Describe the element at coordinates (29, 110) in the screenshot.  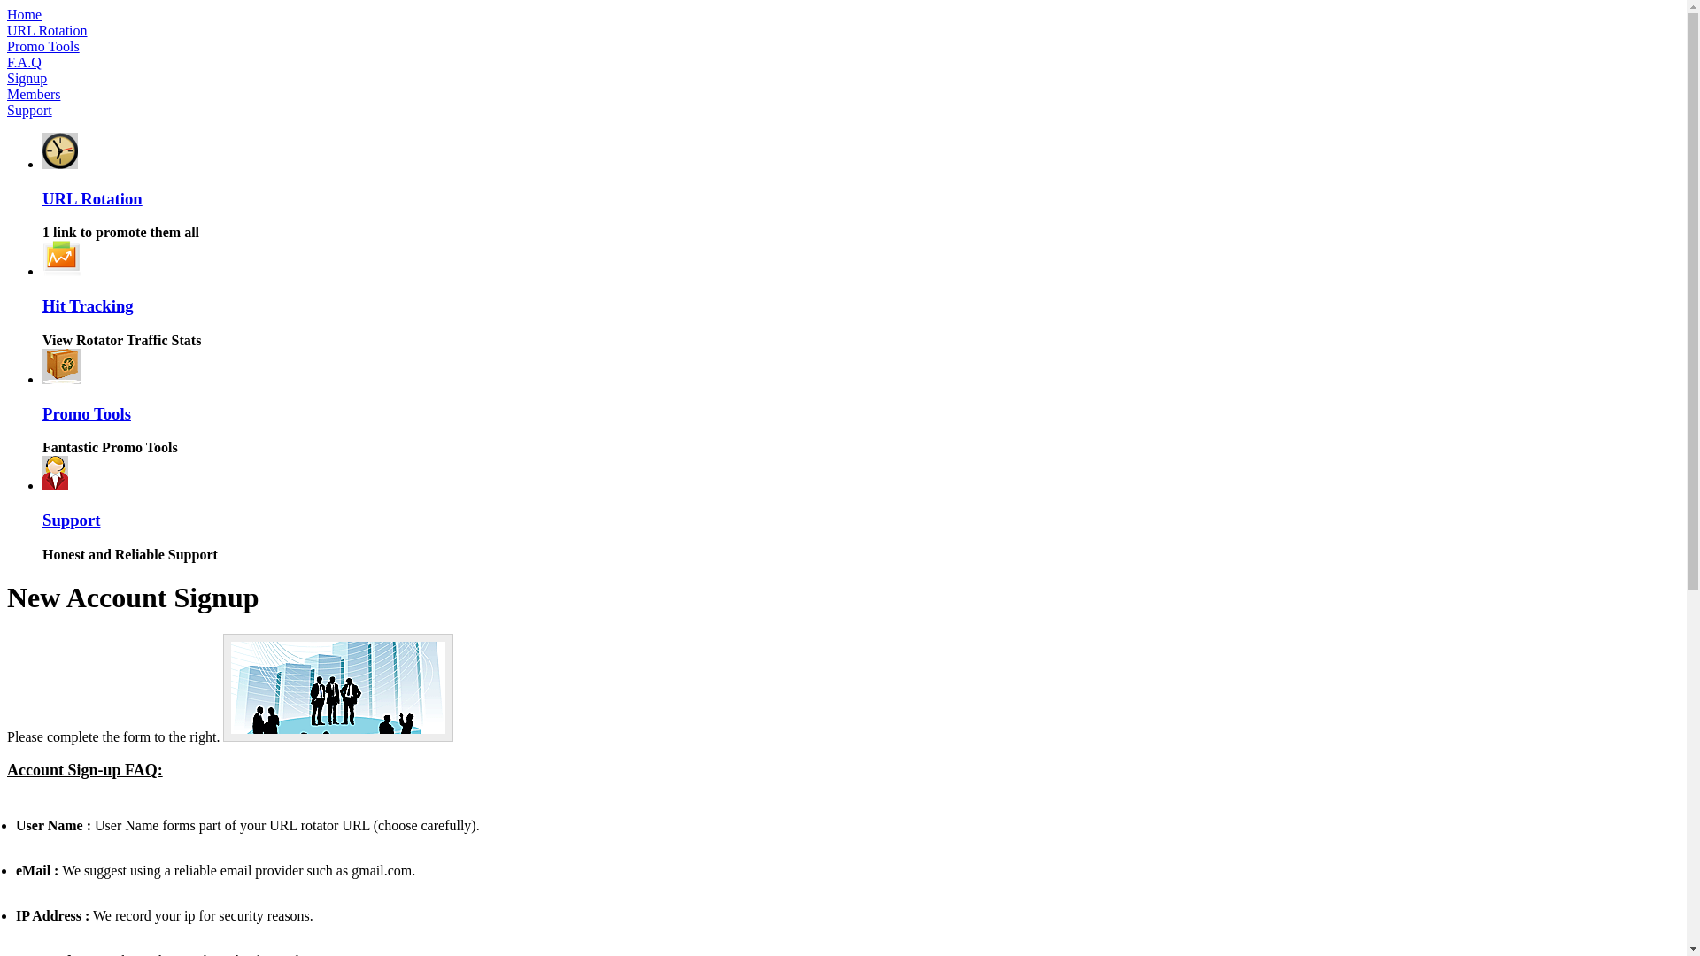
I see `'Support'` at that location.